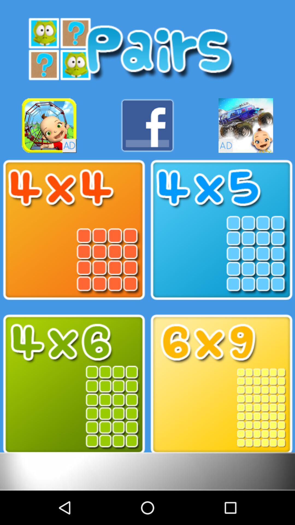  I want to click on open 4x4 puzzle, so click(74, 230).